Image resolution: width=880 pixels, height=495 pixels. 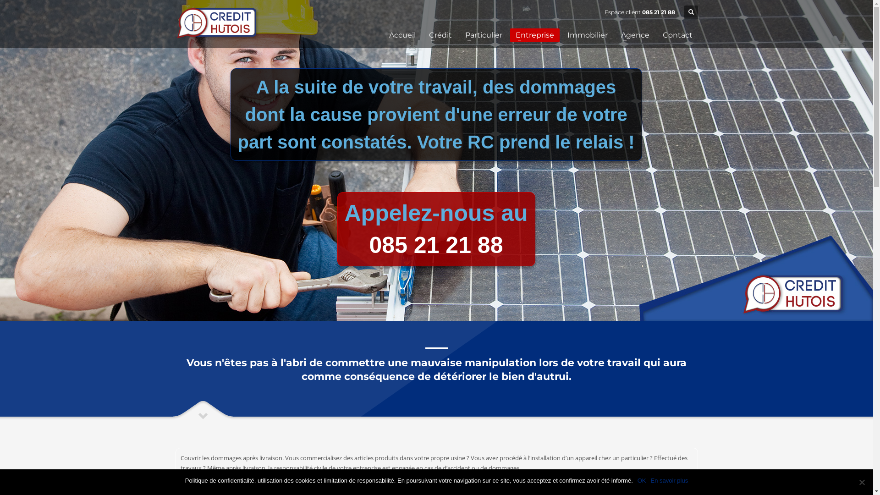 I want to click on 'Immobilier', so click(x=587, y=35).